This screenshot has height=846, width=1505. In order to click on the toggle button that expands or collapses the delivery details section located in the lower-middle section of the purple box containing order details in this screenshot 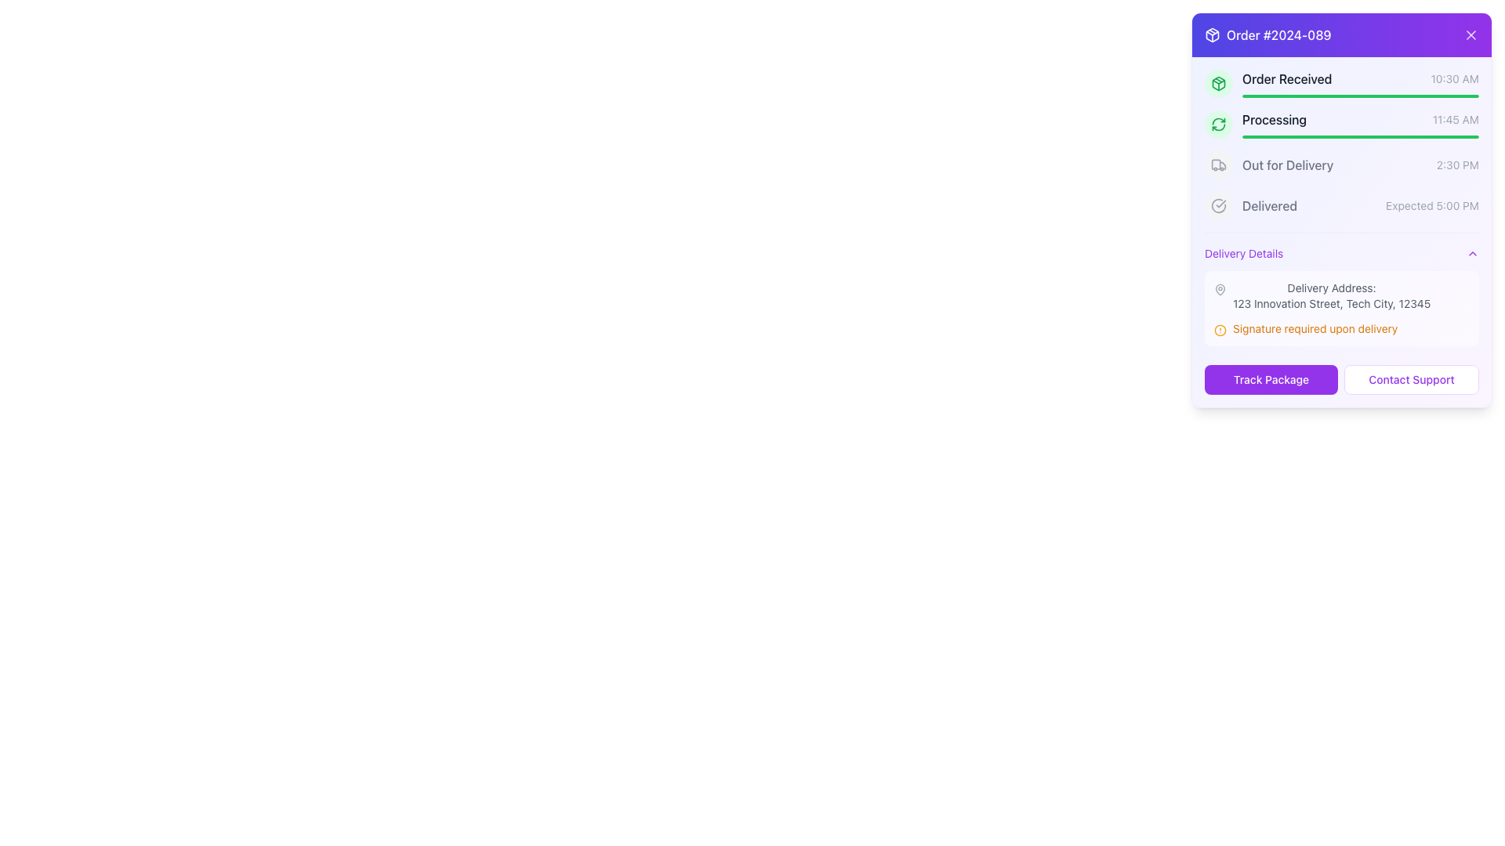, I will do `click(1341, 253)`.